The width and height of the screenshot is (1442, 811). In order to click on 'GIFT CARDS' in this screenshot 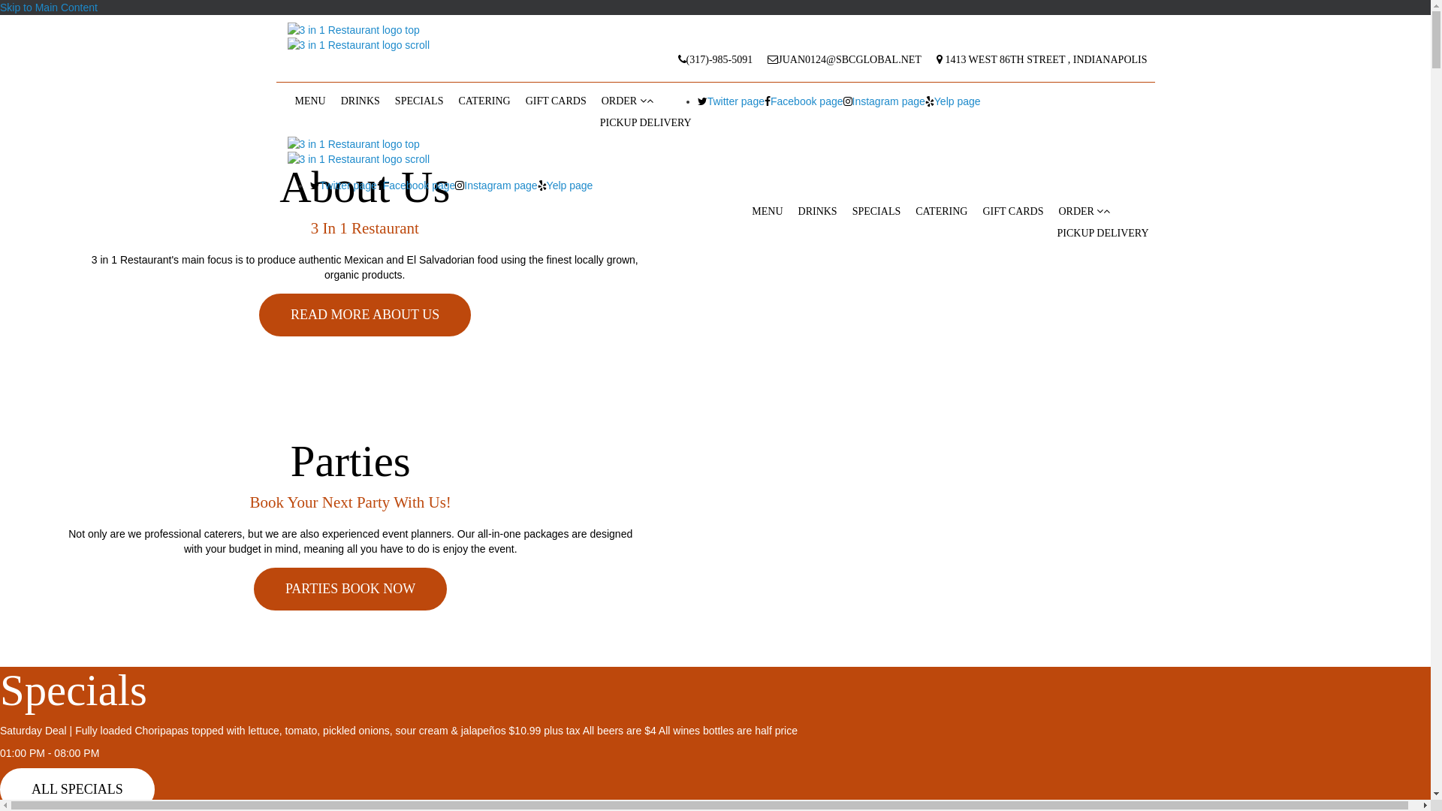, I will do `click(555, 101)`.